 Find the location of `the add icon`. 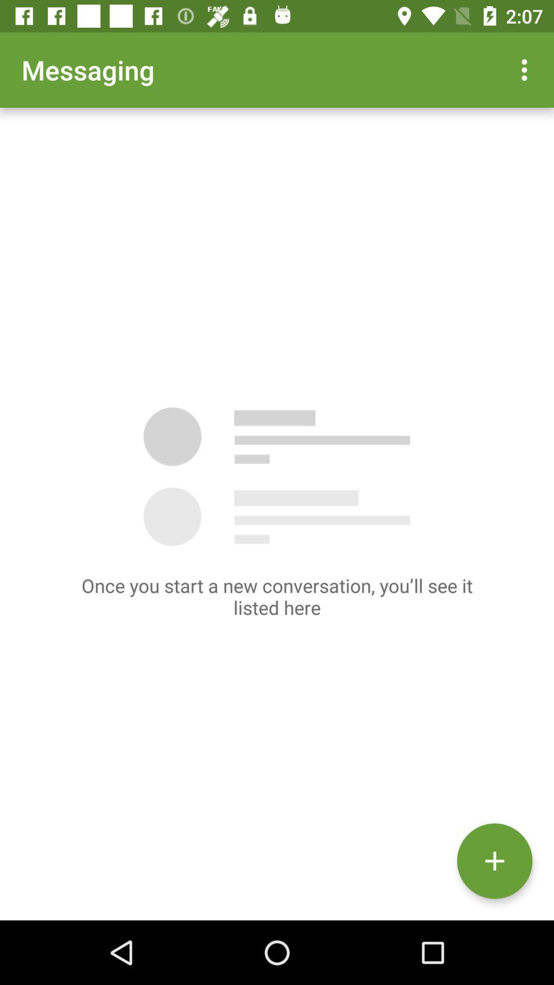

the add icon is located at coordinates (494, 861).